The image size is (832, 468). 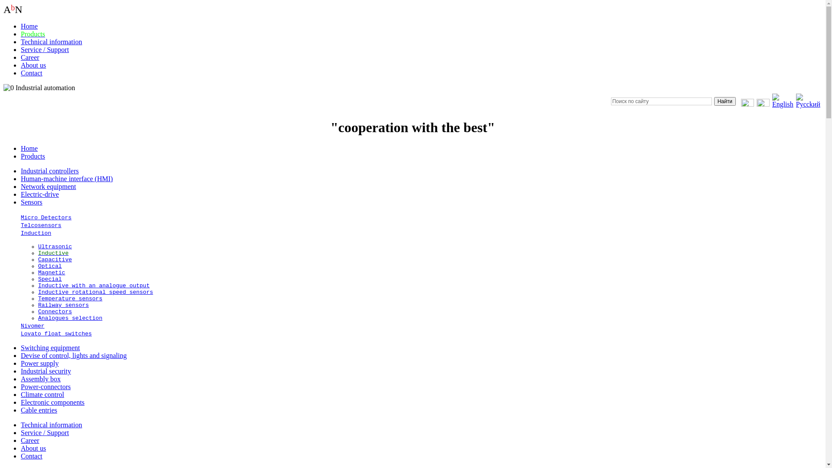 What do you see at coordinates (45, 386) in the screenshot?
I see `'Power-connectors'` at bounding box center [45, 386].